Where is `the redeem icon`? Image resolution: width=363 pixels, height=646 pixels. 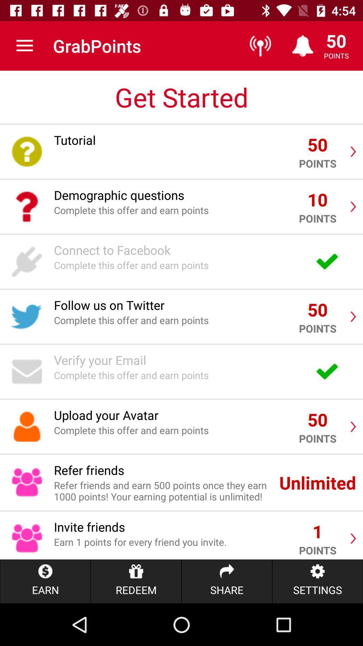
the redeem icon is located at coordinates (136, 581).